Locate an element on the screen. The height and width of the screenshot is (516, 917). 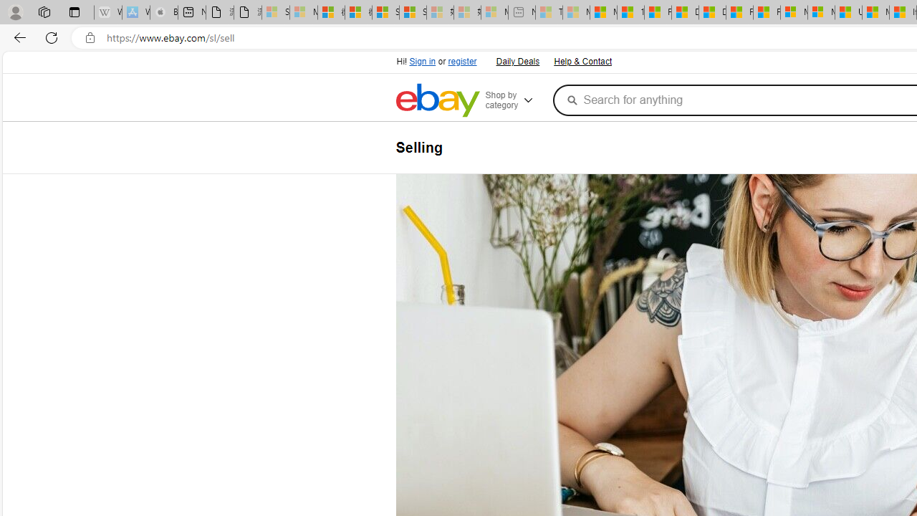
'Microsoft Services Agreement - Sleeping' is located at coordinates (302, 12).